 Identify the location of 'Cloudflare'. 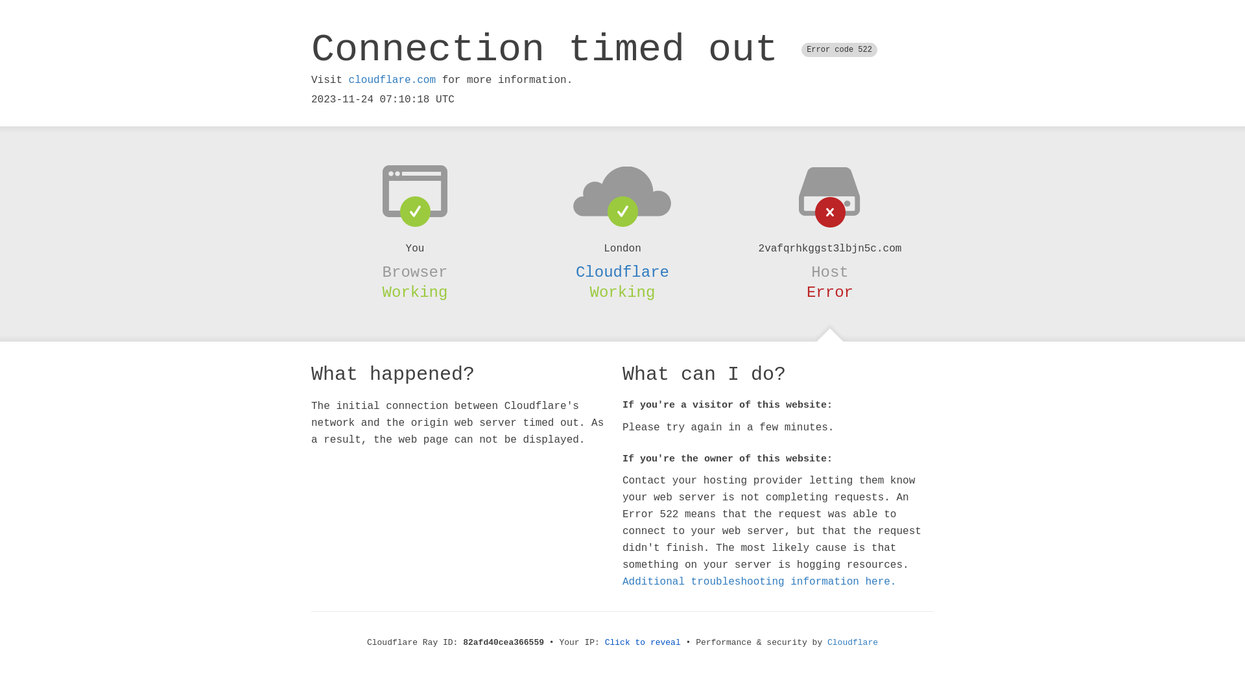
(853, 642).